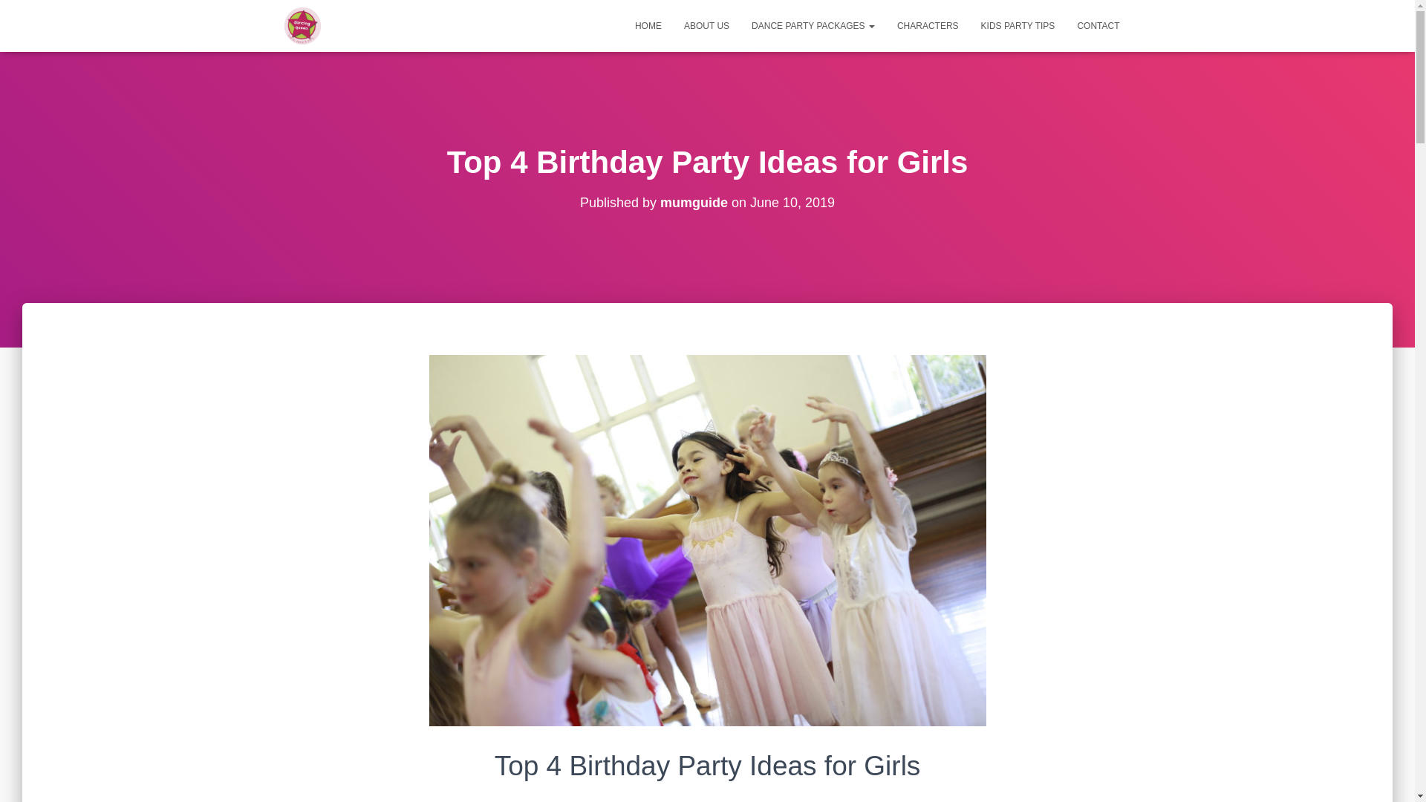 The width and height of the screenshot is (1426, 802). Describe the element at coordinates (1098, 25) in the screenshot. I see `'CONTACT'` at that location.